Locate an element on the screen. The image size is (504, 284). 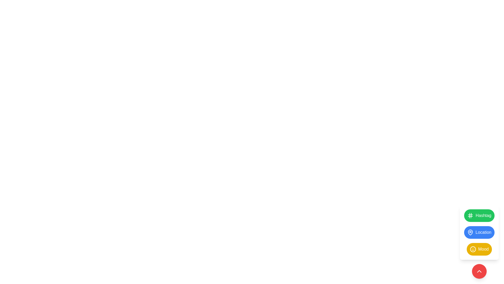
the green button labeled 'Hashtag' is located at coordinates (479, 216).